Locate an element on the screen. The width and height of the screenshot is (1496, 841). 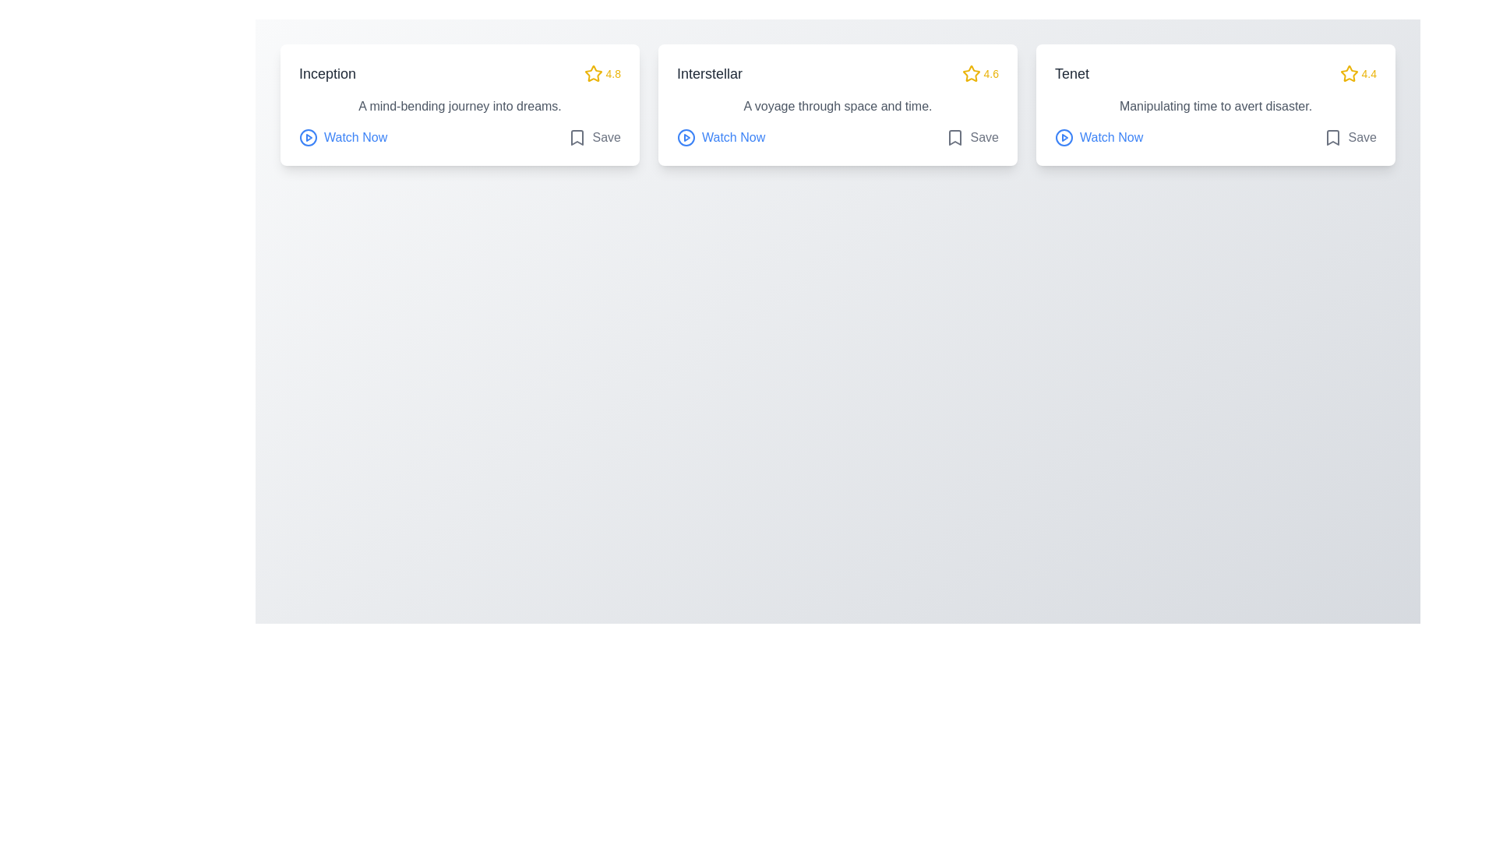
the header text 'Inception' located at the upper-left corner of its card to identify the card's content is located at coordinates (326, 74).